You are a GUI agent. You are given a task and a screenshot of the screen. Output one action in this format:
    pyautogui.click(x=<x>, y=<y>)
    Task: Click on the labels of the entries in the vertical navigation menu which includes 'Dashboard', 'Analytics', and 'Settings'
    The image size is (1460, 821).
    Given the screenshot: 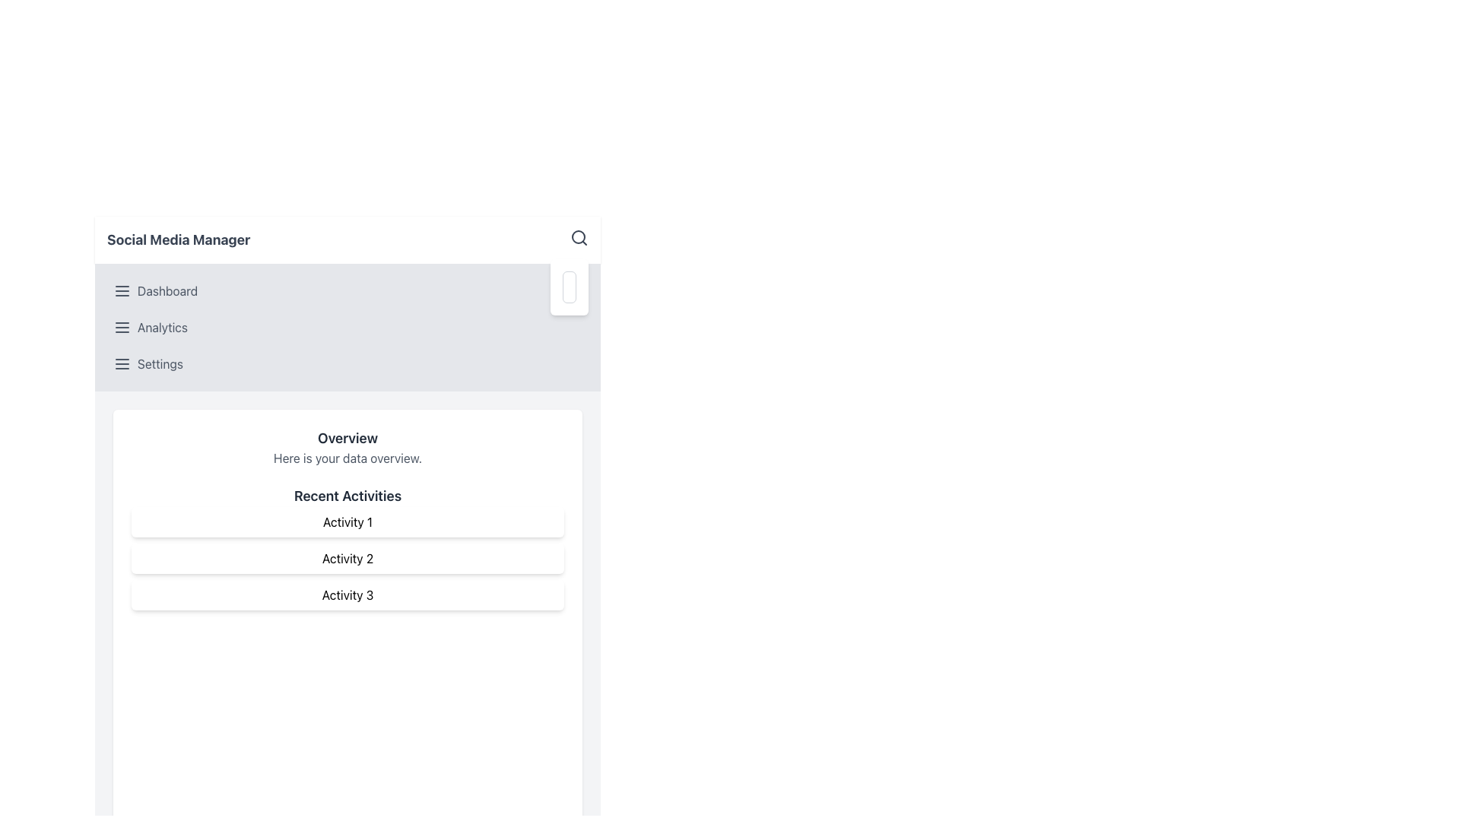 What is the action you would take?
    pyautogui.click(x=347, y=327)
    